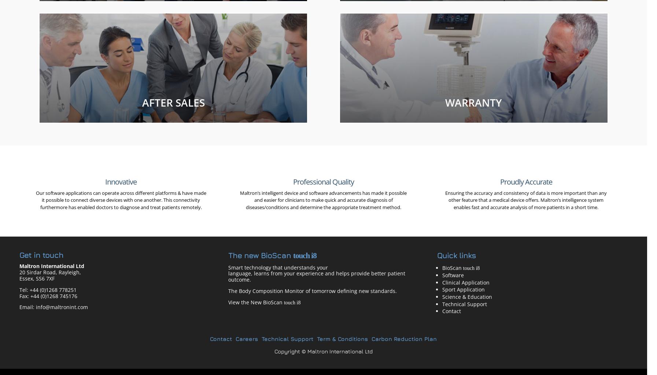 This screenshot has height=375, width=657. I want to click on 'The Body Composition Monitor of tomorrow defining new standards.', so click(312, 290).